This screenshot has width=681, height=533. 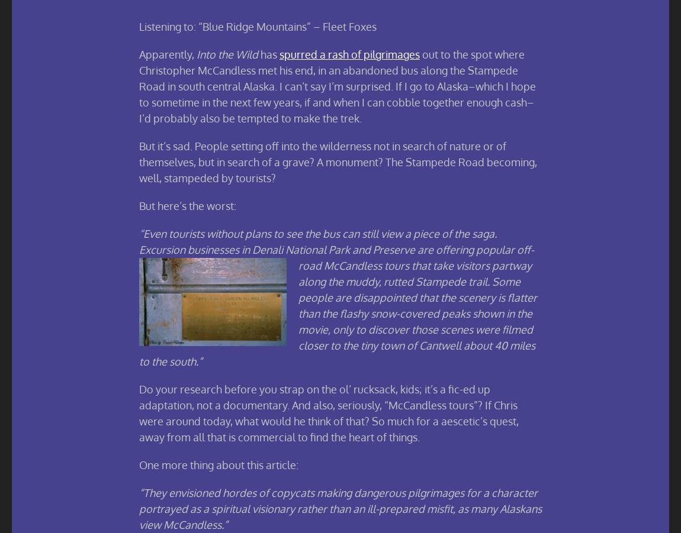 I want to click on '“They envisioned hordes of copycats making dangerous pilgrimages for a character portrayed as a spiritual visionary rather than an ill-prepared misfit, as many Alaskans view McCandless.”', so click(x=340, y=508).